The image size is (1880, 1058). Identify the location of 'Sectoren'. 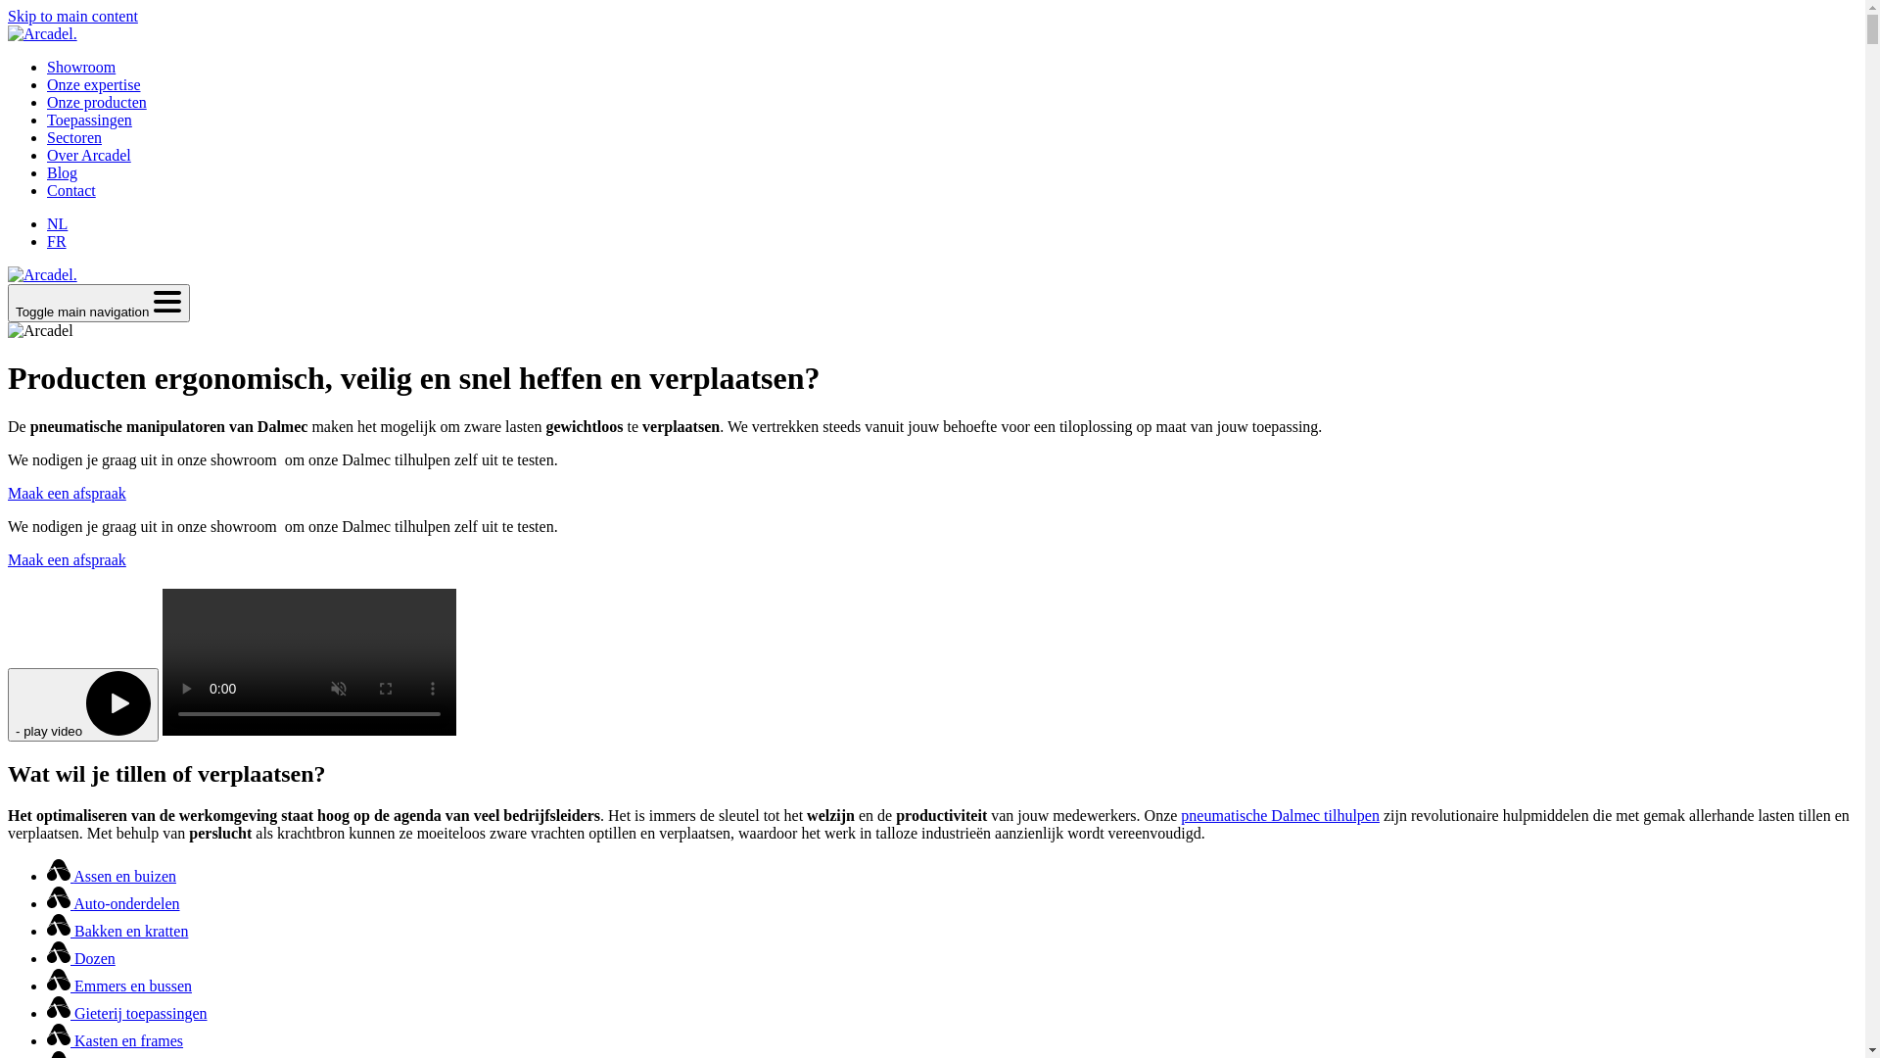
(47, 136).